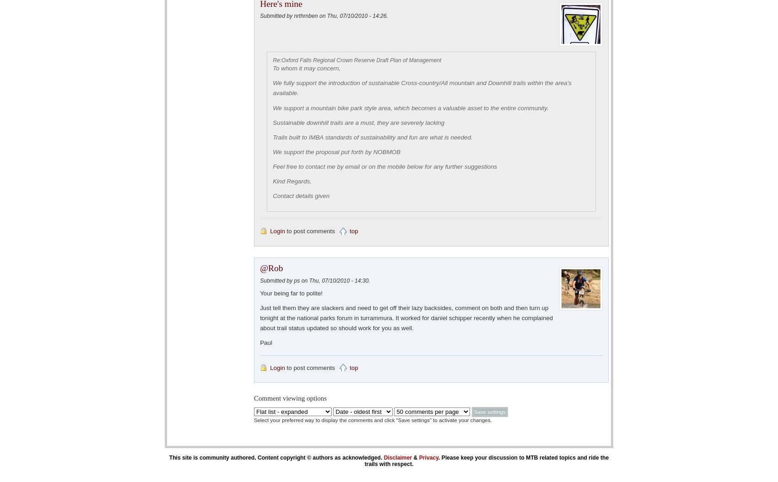  Describe the element at coordinates (372, 419) in the screenshot. I see `'Select your preferred way to display the comments and click "Save settings" to activate your changes.'` at that location.